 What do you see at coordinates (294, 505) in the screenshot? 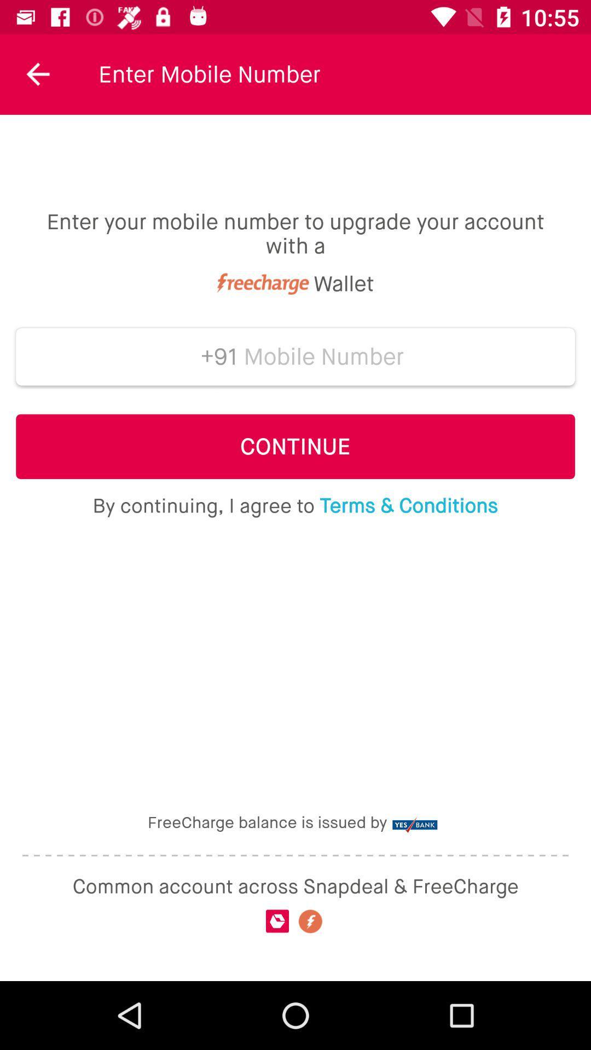
I see `the by continuing i` at bounding box center [294, 505].